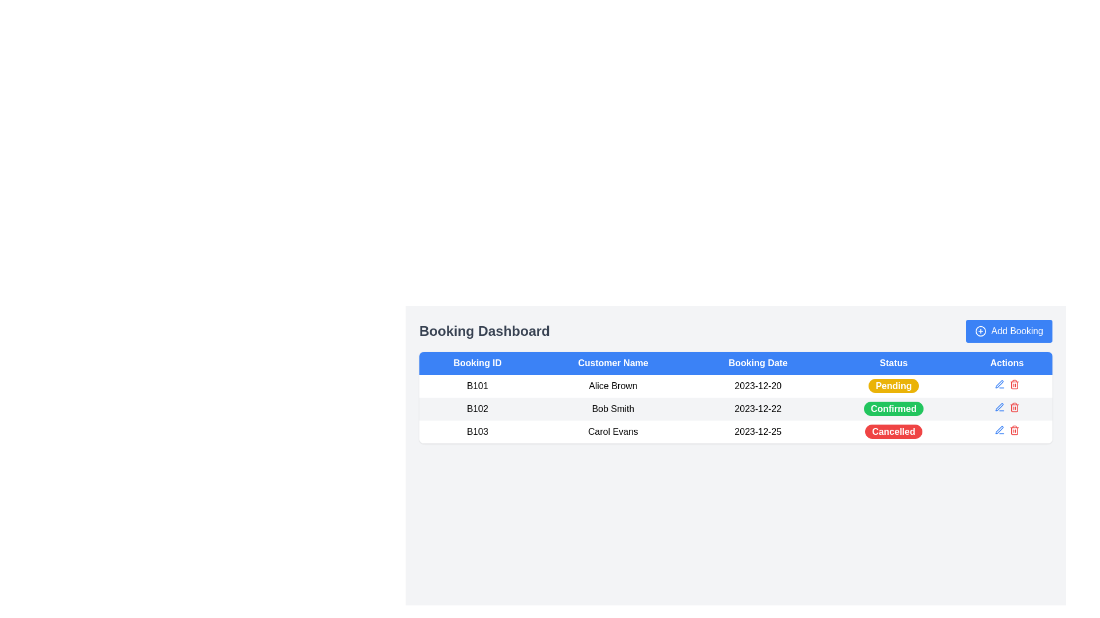 Image resolution: width=1100 pixels, height=618 pixels. I want to click on the 'Cancelled' status label located in the 'Status' column of the table for the record 'B103', so click(893, 431).